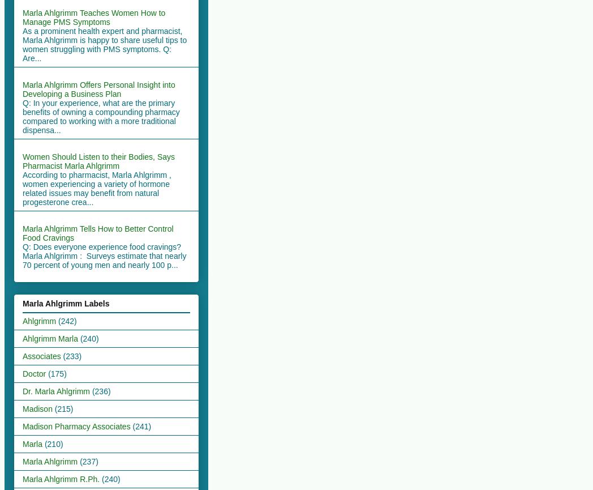 The height and width of the screenshot is (490, 593). I want to click on '(210)', so click(53, 442).